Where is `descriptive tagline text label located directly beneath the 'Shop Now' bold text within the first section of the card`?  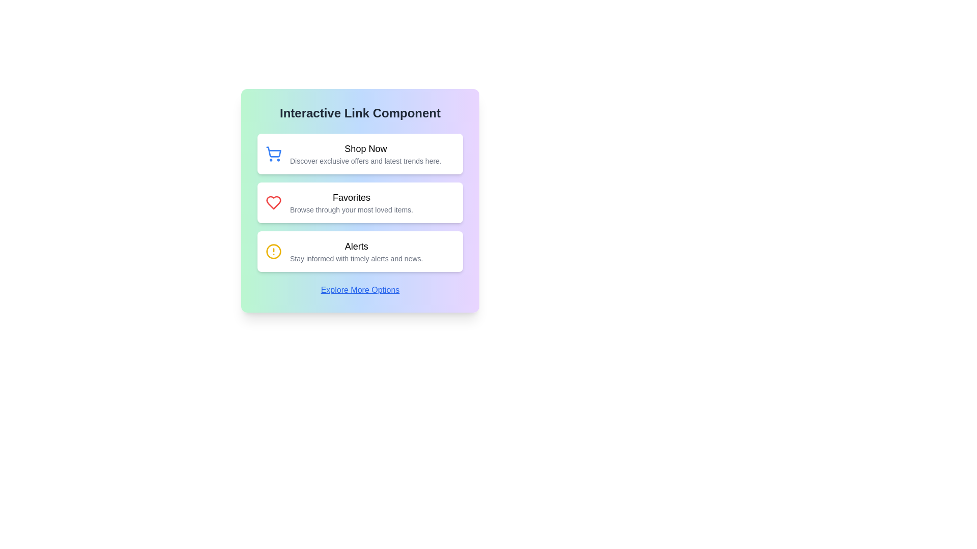
descriptive tagline text label located directly beneath the 'Shop Now' bold text within the first section of the card is located at coordinates (365, 160).